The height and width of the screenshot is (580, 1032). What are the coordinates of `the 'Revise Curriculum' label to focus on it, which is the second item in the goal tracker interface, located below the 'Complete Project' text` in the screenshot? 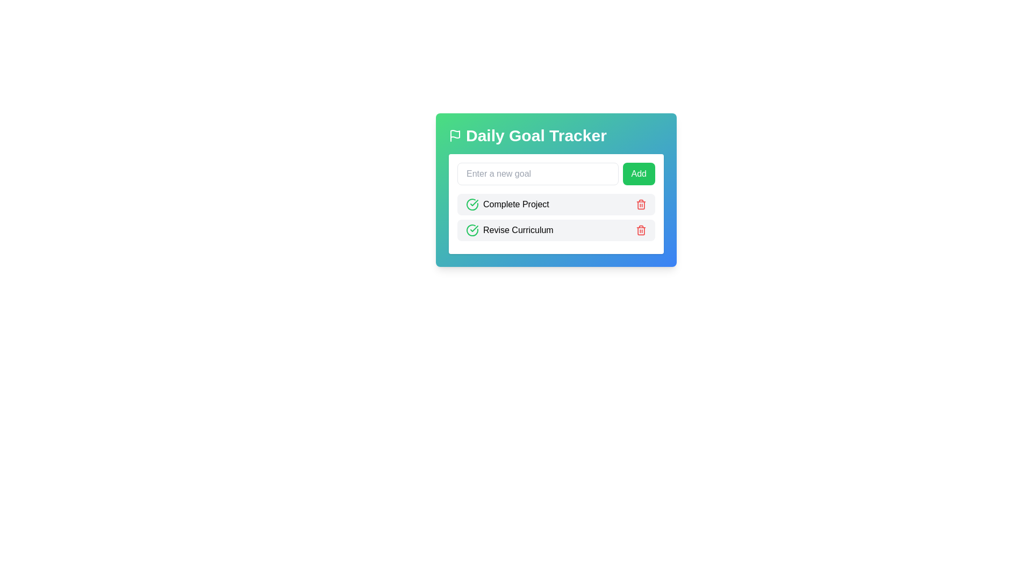 It's located at (518, 229).